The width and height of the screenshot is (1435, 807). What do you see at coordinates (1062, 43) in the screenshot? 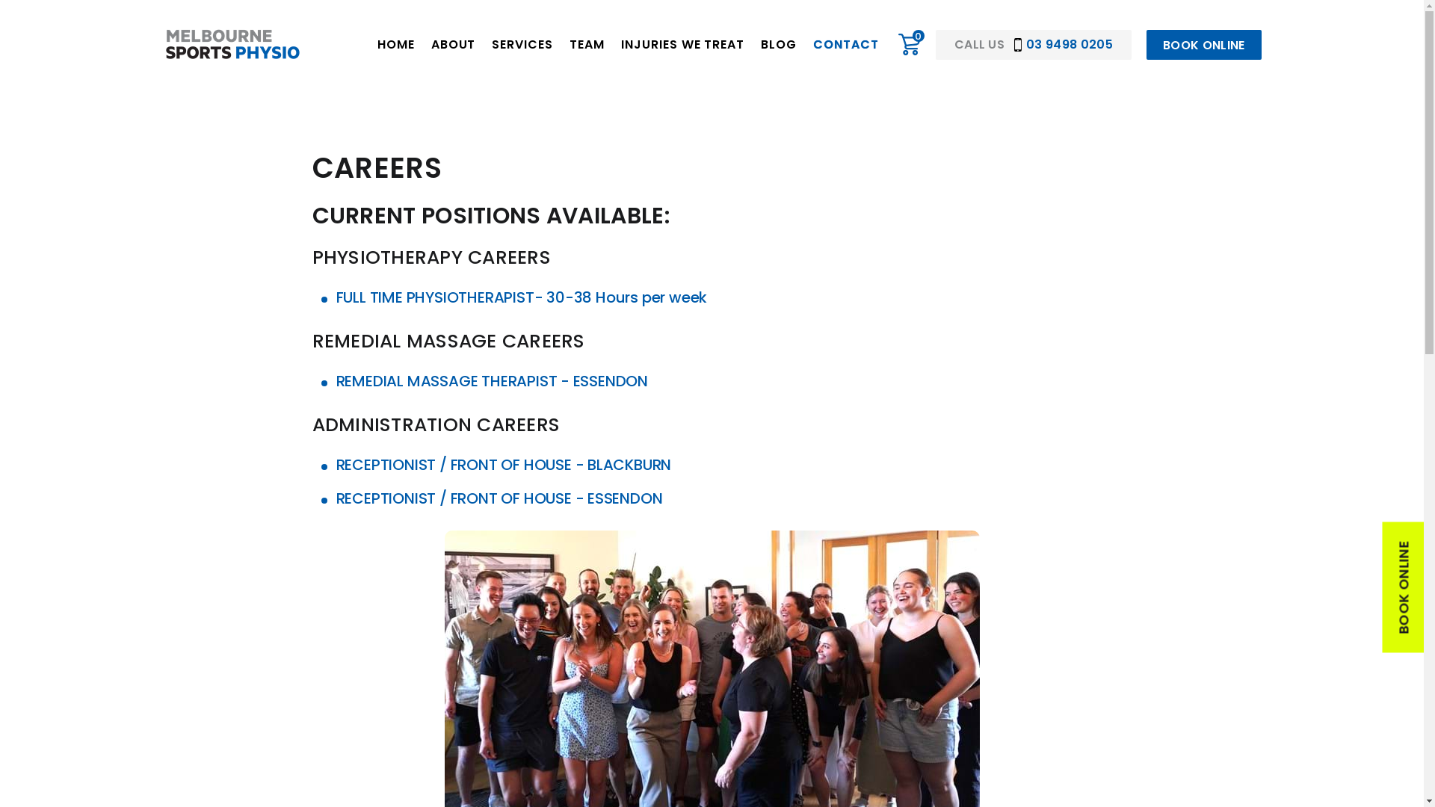
I see `'03 9498 0205'` at bounding box center [1062, 43].